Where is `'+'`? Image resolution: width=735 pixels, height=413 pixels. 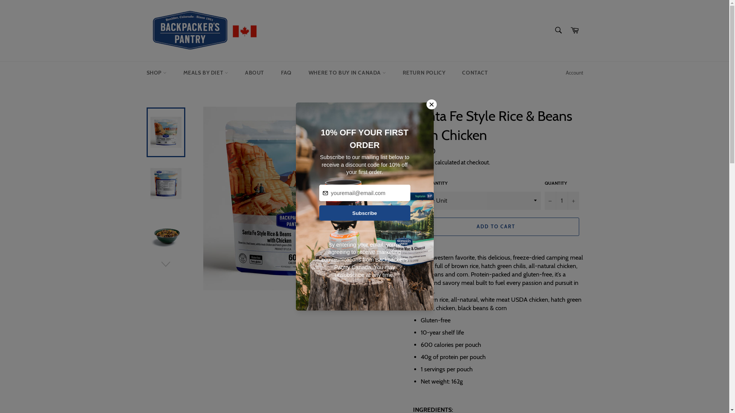
'+' is located at coordinates (573, 200).